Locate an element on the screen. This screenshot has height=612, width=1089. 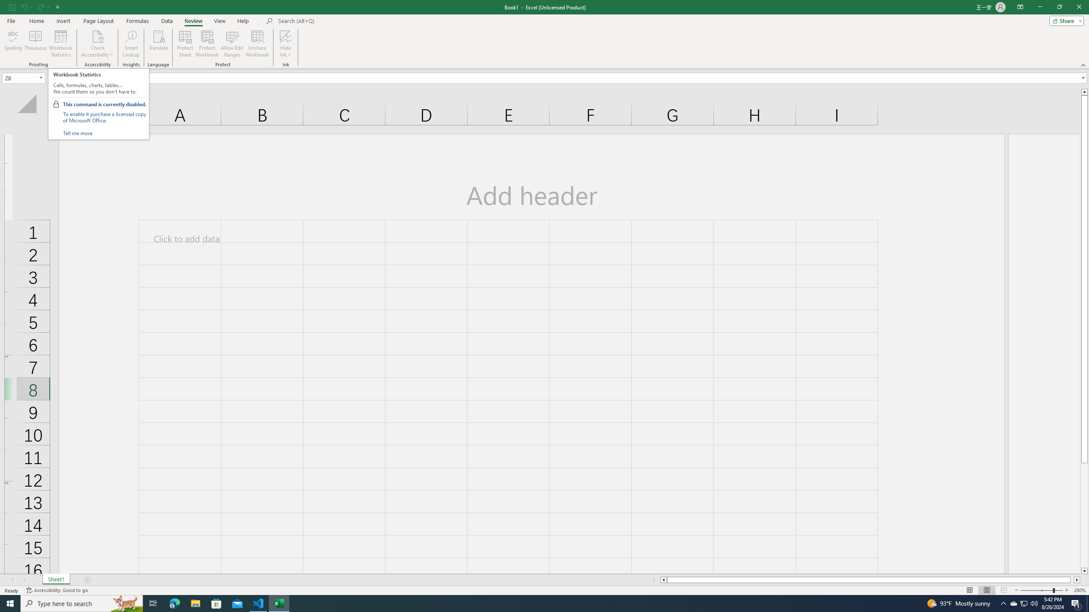
'Smart Lookup' is located at coordinates (131, 44).